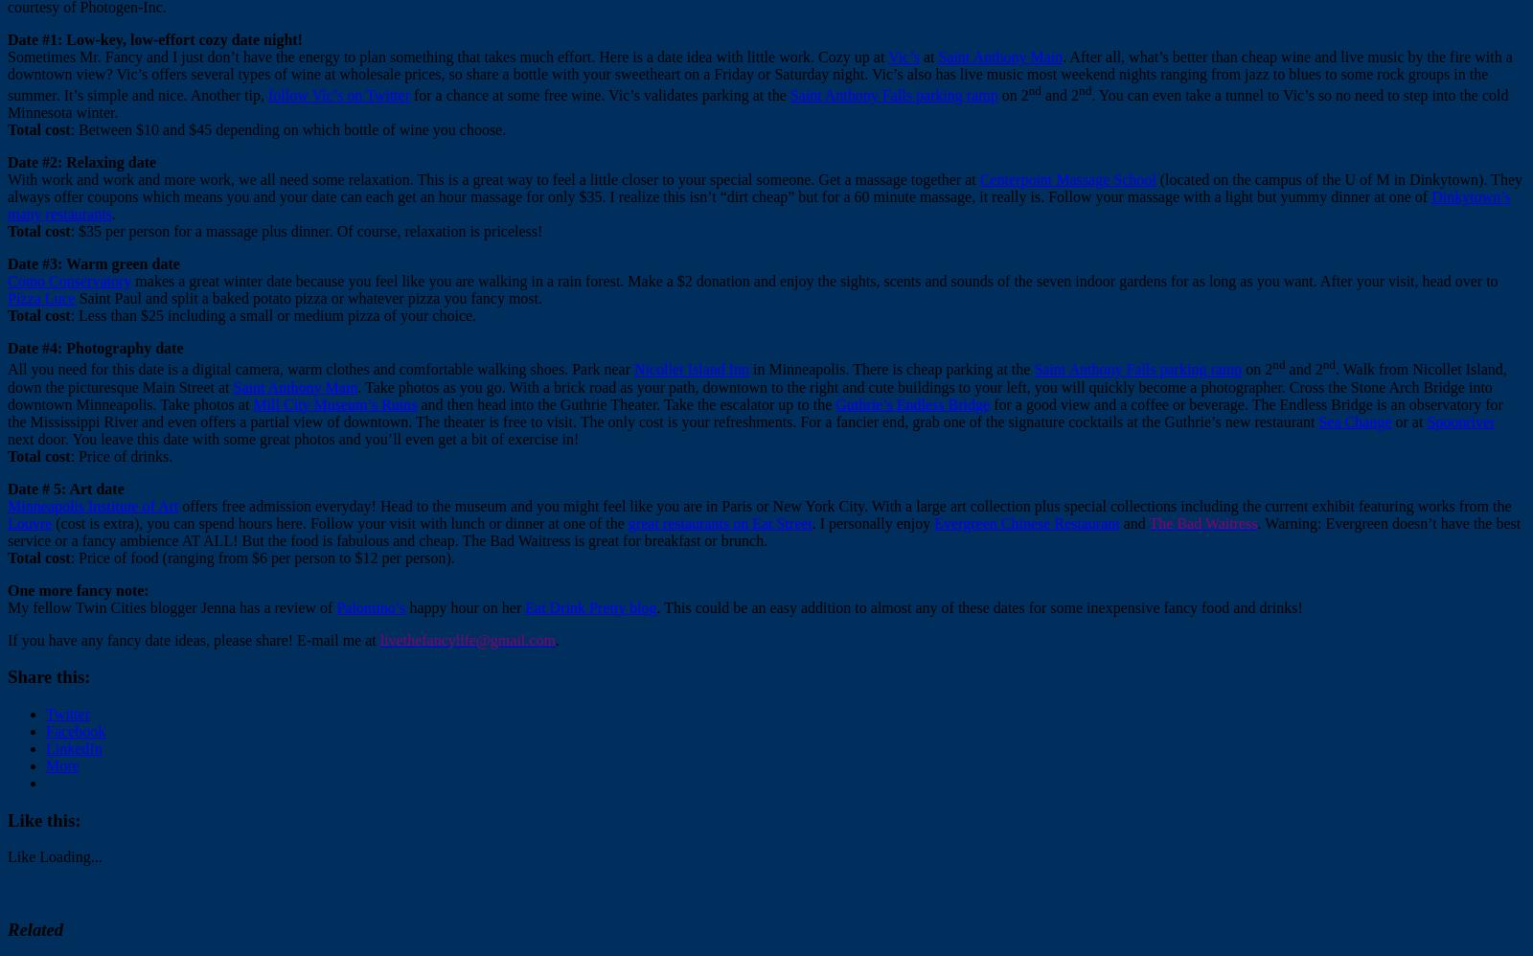 This screenshot has height=956, width=1533. I want to click on '. Warning: Evergreen doesn’t have the best service or a fancy ambience AT ALL! But the food is fabulous and cheap. The Bad Waitress is great for breakfast or brunch.', so click(764, 530).